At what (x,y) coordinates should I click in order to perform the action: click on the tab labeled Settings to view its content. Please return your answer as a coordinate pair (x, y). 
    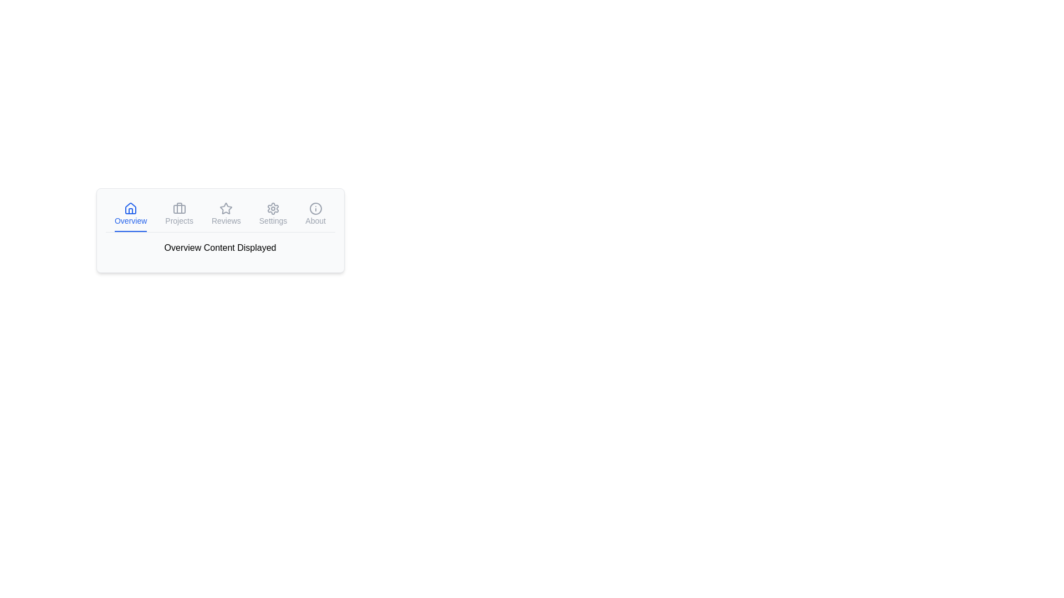
    Looking at the image, I should click on (273, 215).